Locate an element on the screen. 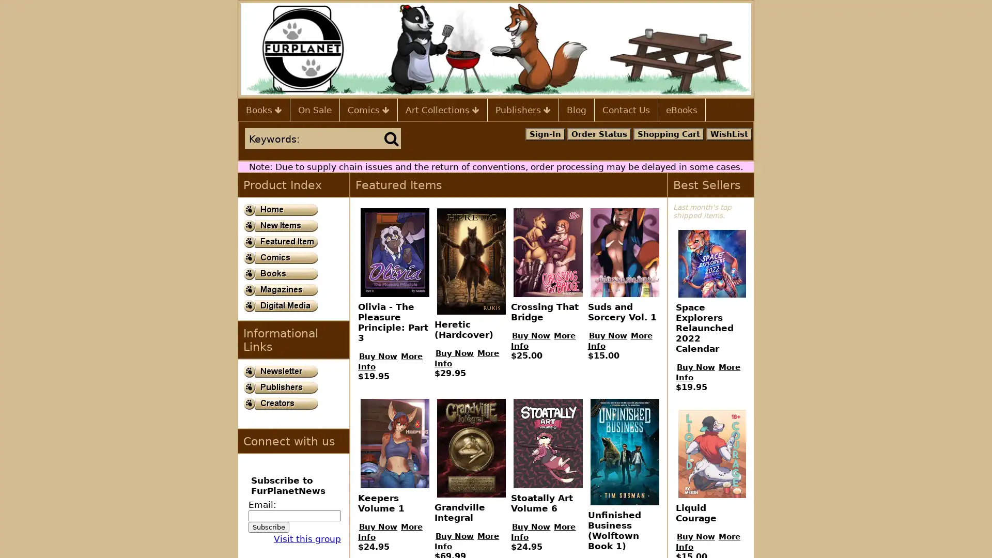  WishList is located at coordinates (729, 133).